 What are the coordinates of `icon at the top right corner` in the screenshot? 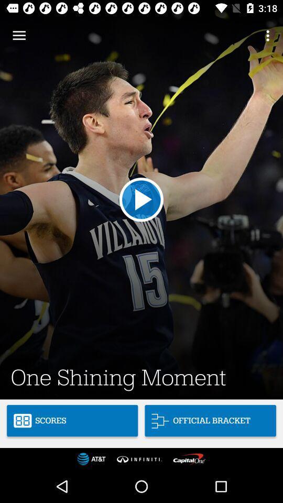 It's located at (269, 36).